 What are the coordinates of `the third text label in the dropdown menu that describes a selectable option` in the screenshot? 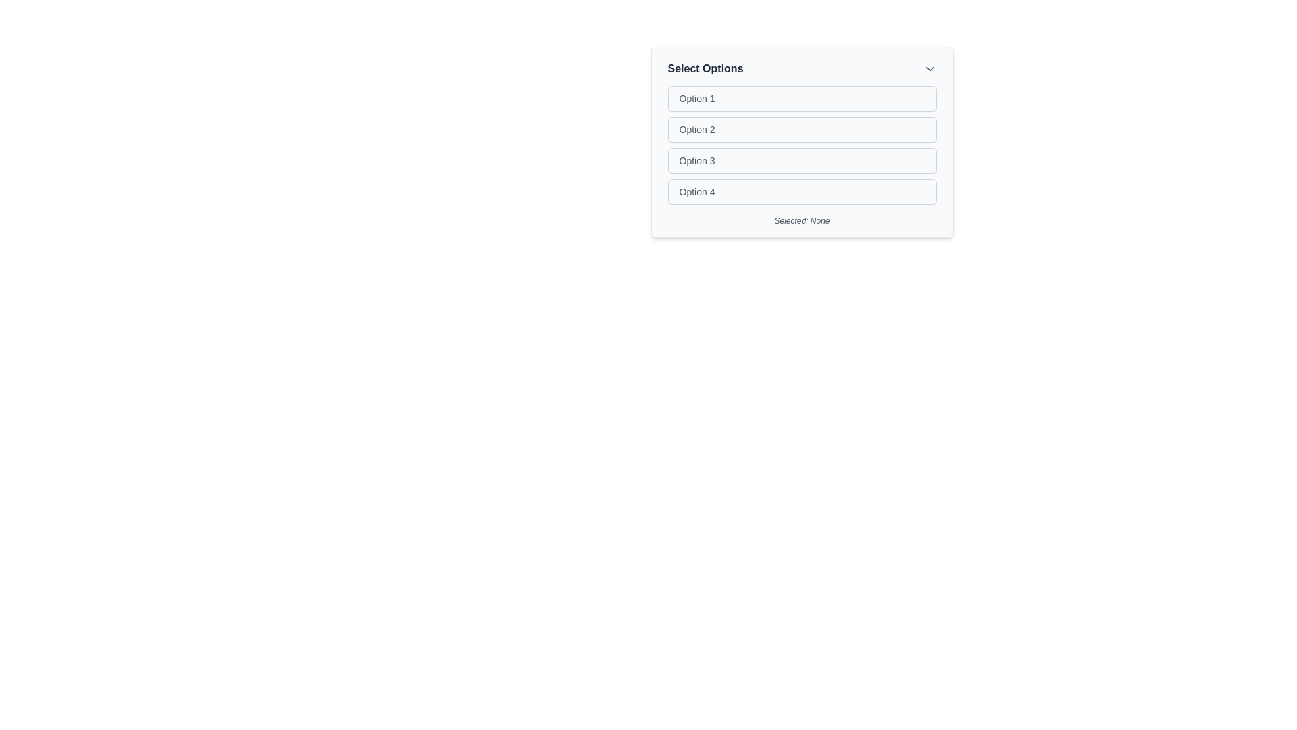 It's located at (697, 160).